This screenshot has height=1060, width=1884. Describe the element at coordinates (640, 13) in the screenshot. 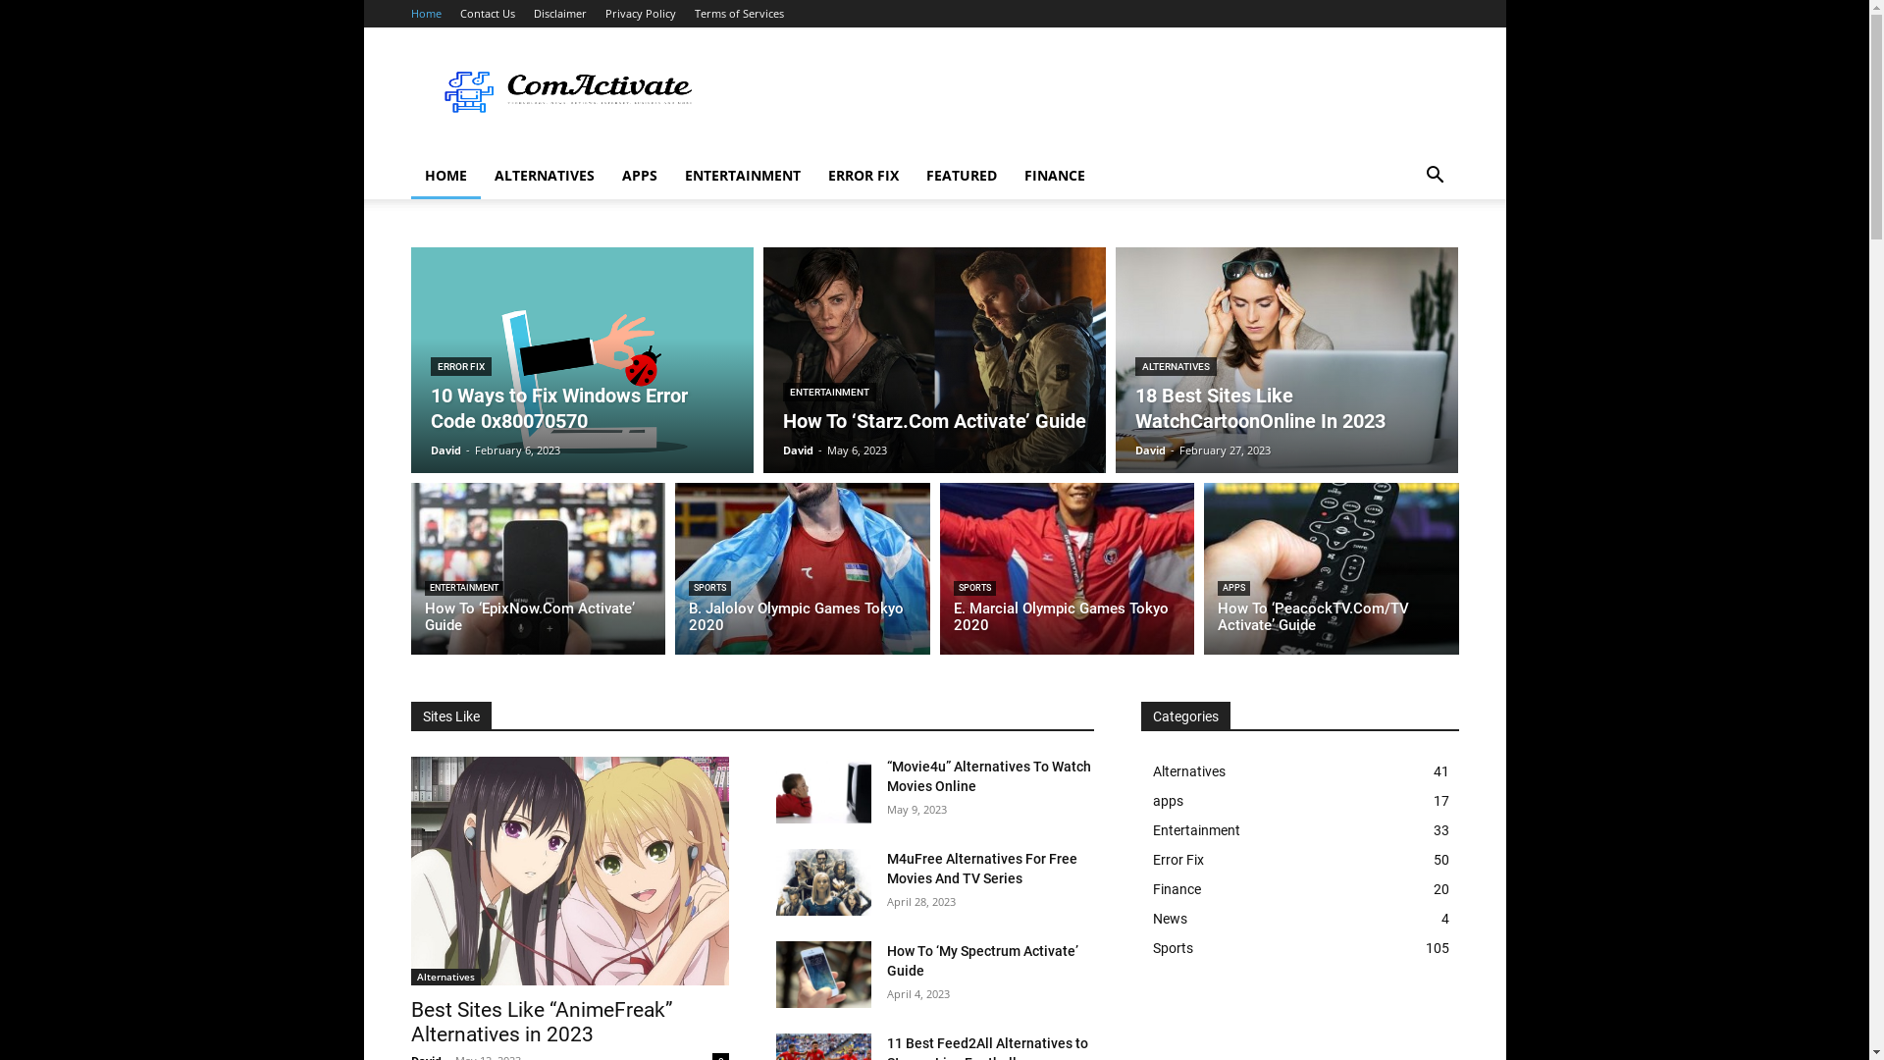

I see `'Privacy Policy'` at that location.